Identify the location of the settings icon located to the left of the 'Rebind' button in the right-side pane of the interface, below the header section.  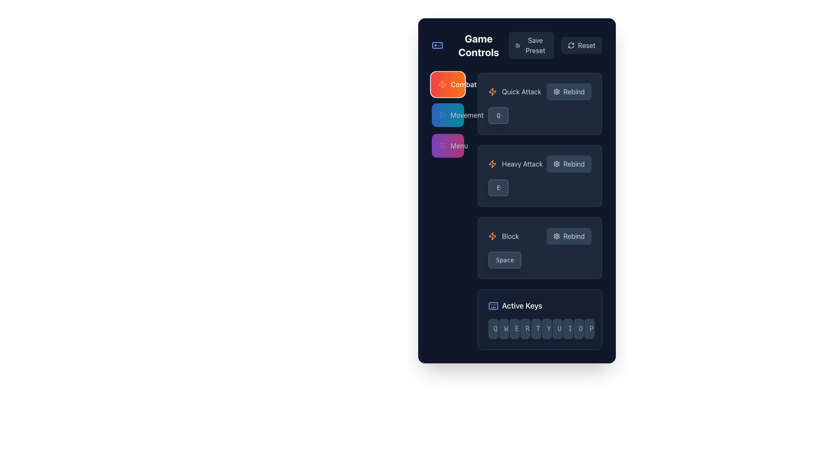
(556, 92).